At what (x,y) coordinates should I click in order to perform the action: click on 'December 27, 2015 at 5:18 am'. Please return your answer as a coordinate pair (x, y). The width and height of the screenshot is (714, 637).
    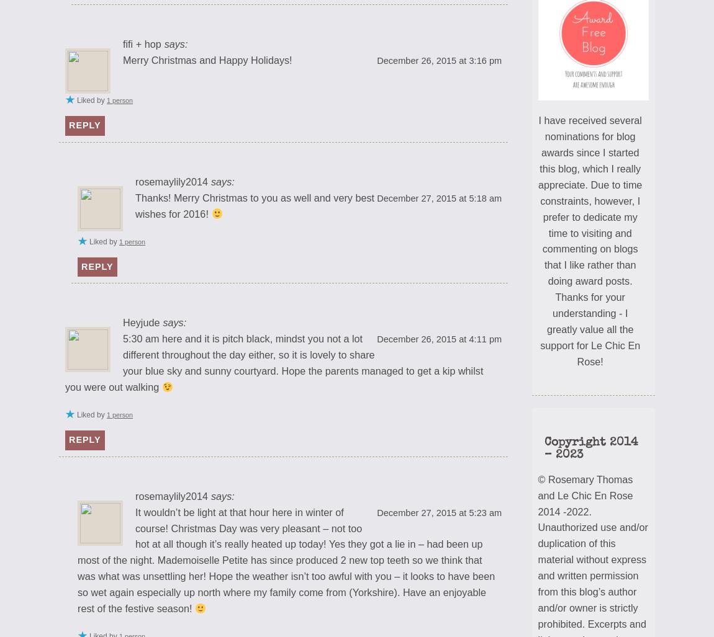
    Looking at the image, I should click on (438, 198).